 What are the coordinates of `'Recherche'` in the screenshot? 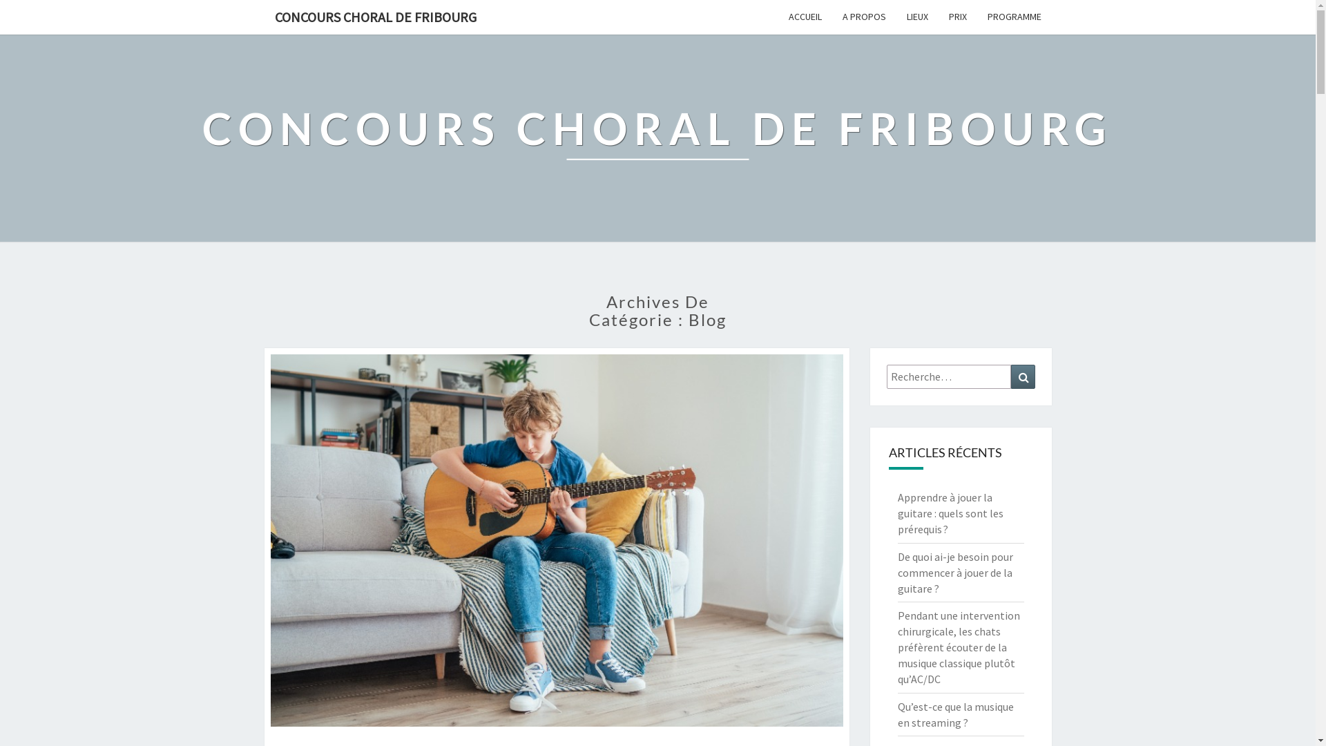 It's located at (1023, 376).